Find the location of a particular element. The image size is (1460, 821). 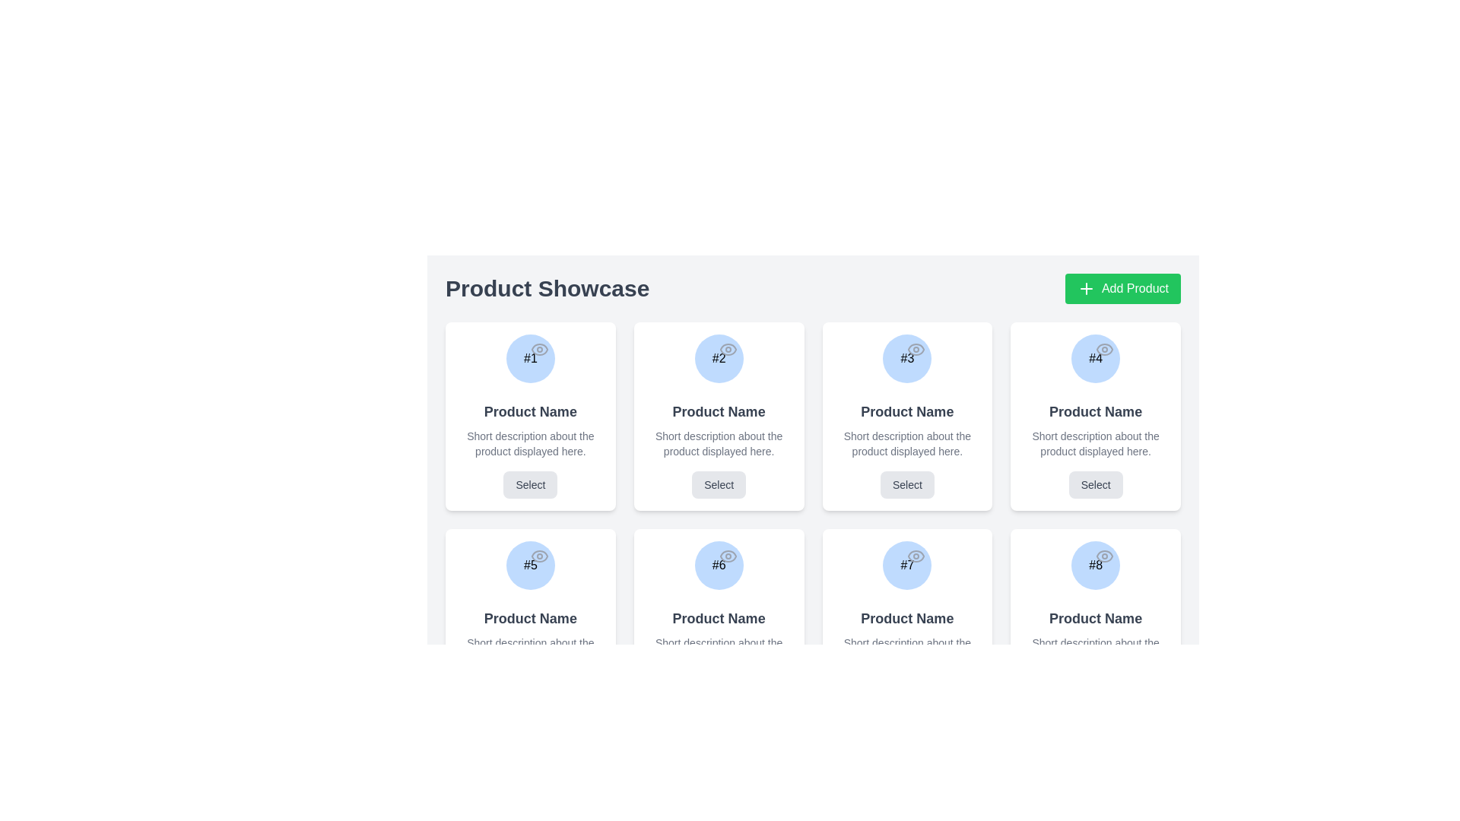

text of the title label for the product located in the middle section of the second card in the first row of the grid layout, positioned between the card's circular icon and the descriptive text is located at coordinates (718, 412).